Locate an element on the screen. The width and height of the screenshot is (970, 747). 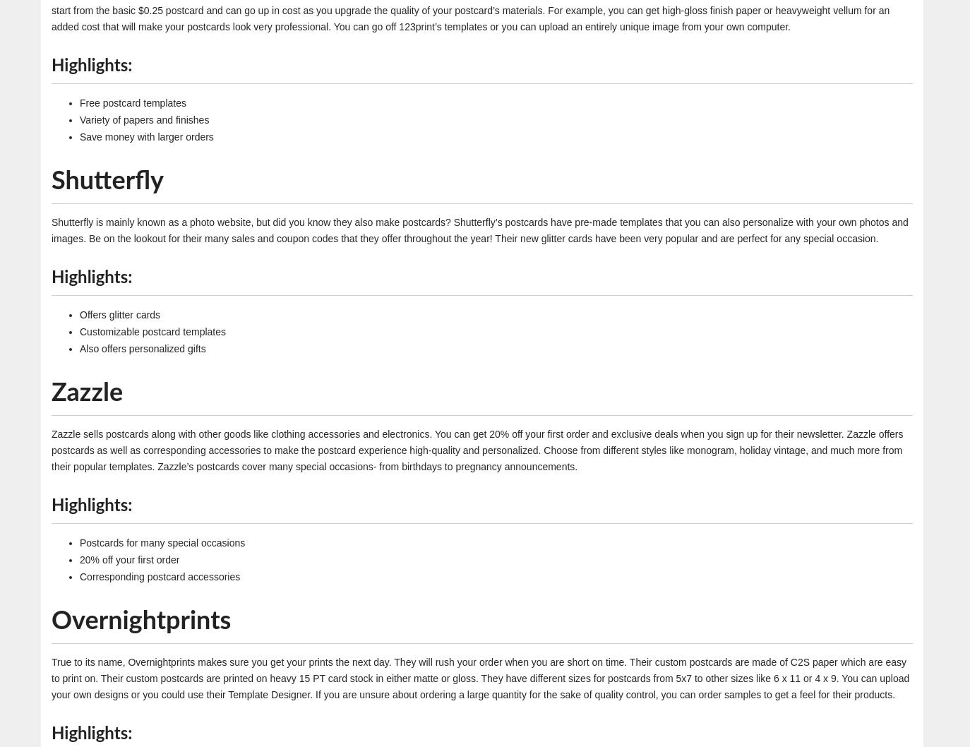
'Shutterfly is mainly known as a photo website, but did you know they also make postcards? Shutterfly’s postcards have pre-made templates that you can also personalize with your own photos and images. Be on the lookout for their many sales and coupon codes that they offer throughout the year! Their new glitter cards have been very popular and are perfect for any special occasion.' is located at coordinates (479, 229).